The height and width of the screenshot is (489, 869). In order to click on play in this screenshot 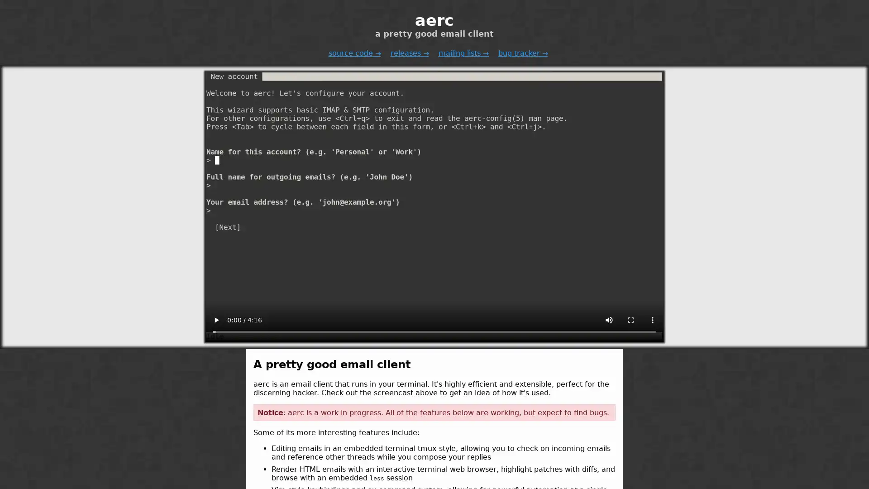, I will do `click(216, 319)`.